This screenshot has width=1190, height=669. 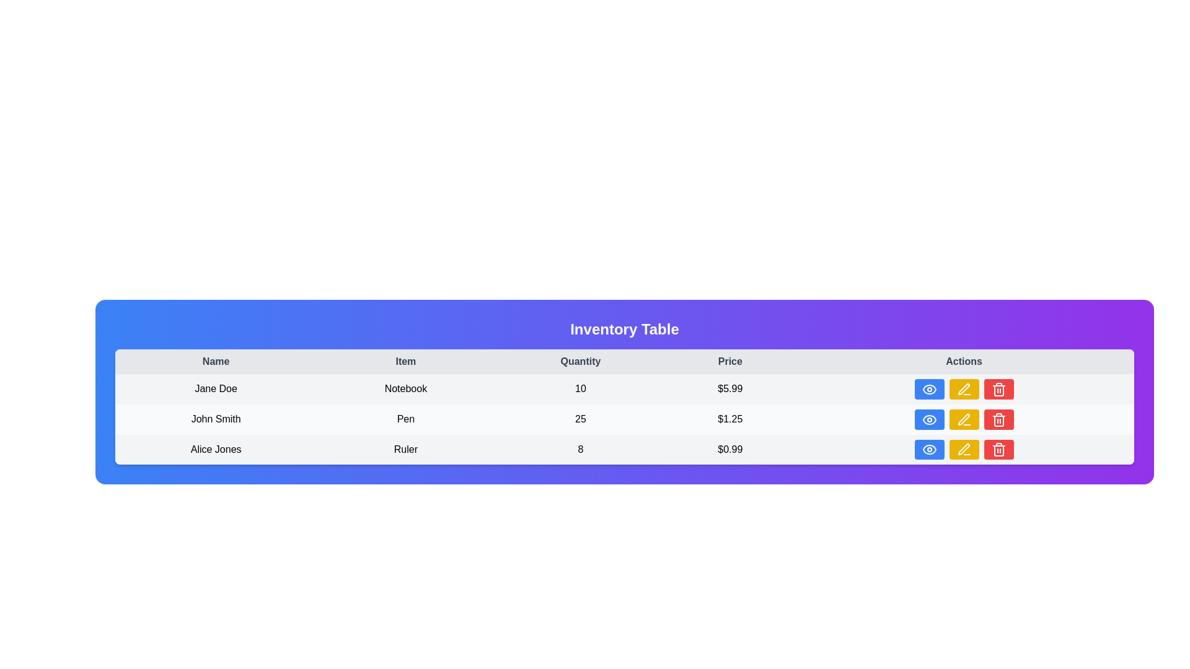 I want to click on the 'Item' text label, which is the second header in the table, displayed in bold medium gray on a light gray background, so click(x=405, y=361).